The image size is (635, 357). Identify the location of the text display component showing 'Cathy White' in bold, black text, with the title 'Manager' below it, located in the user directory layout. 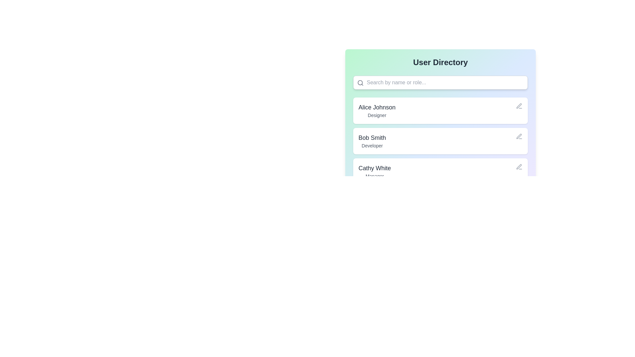
(374, 171).